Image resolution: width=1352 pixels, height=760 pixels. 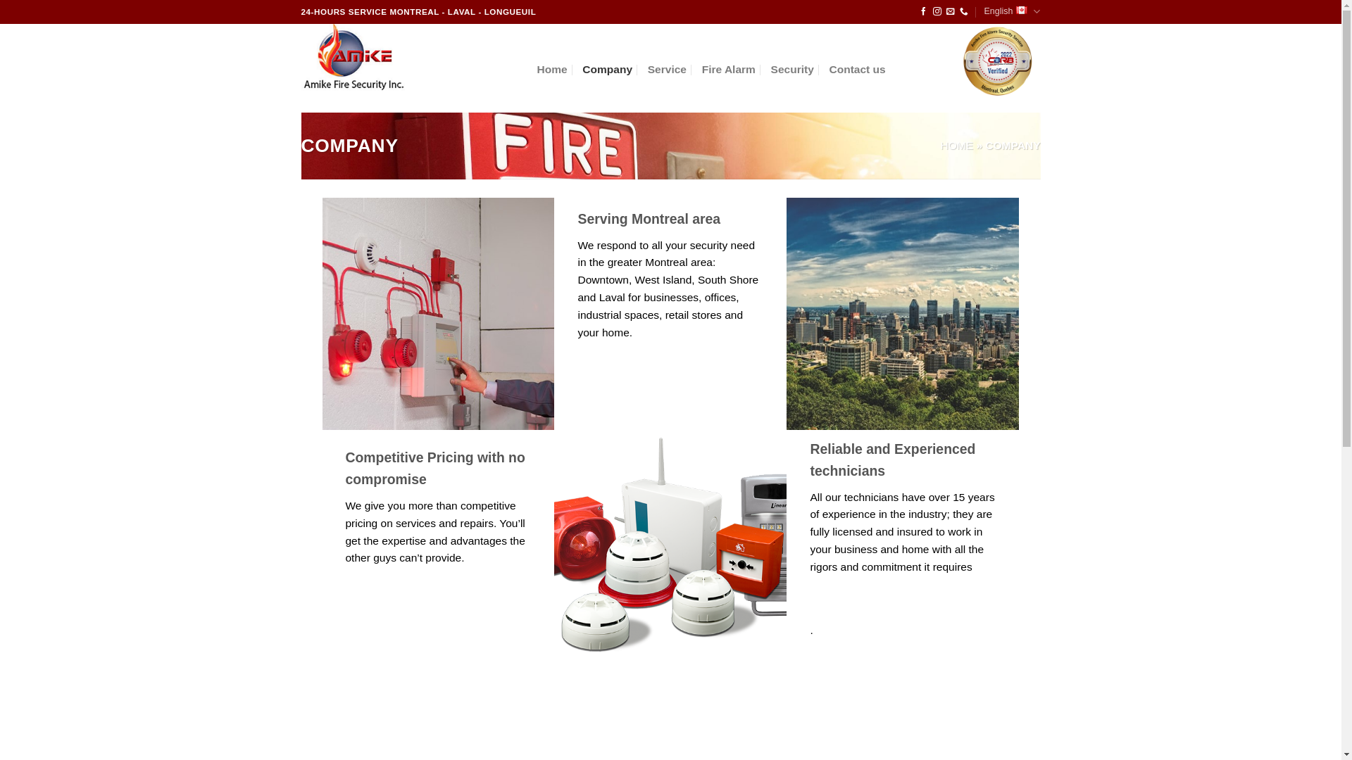 I want to click on 'HOME', so click(x=957, y=145).